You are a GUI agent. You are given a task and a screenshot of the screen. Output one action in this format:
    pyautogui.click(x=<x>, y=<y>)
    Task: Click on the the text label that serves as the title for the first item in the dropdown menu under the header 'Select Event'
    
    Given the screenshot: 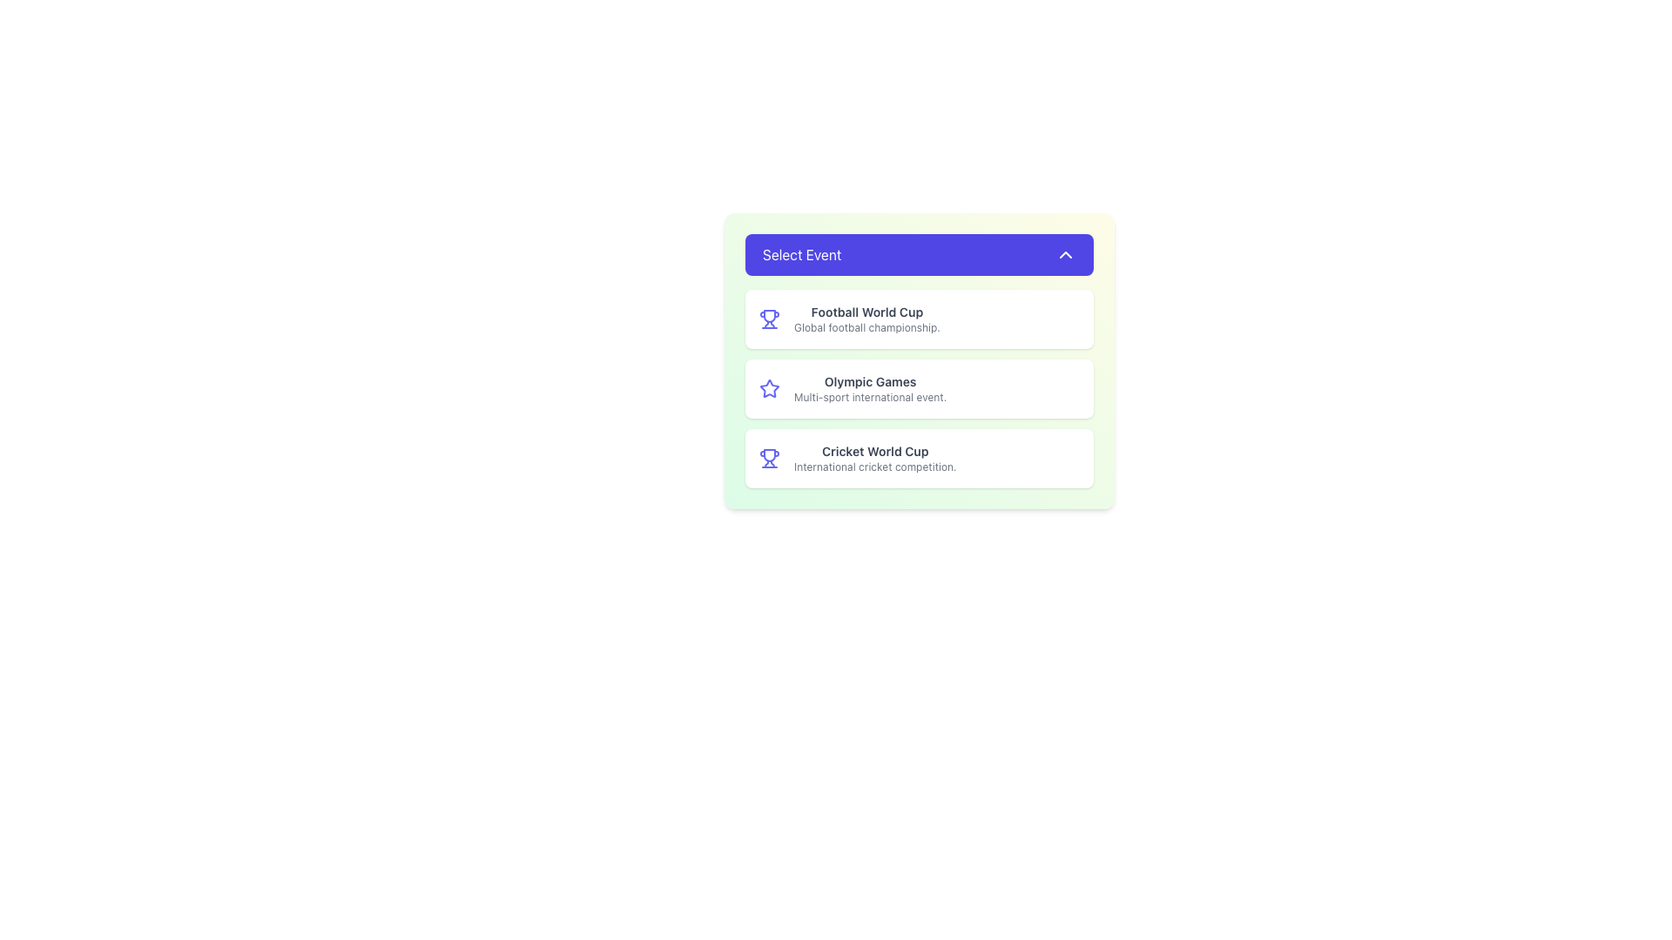 What is the action you would take?
    pyautogui.click(x=866, y=311)
    